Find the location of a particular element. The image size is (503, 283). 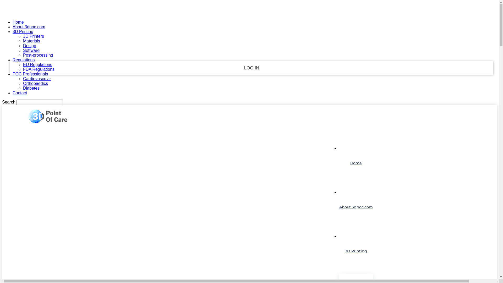

'Privacy Policy' is located at coordinates (251, 91).